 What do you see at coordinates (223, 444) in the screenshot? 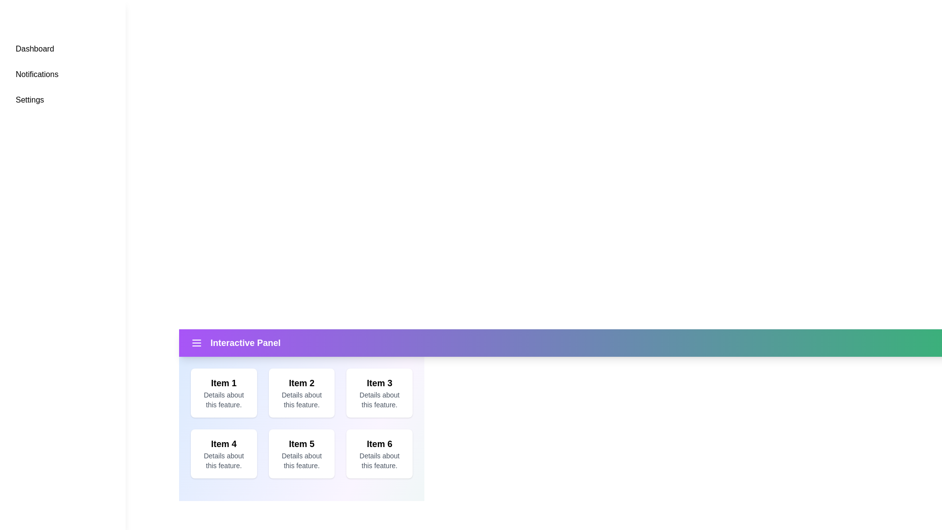
I see `the Text Label located in the second row and first column of the grid layout, which identifies the feature above the text 'Details about this feature.'` at bounding box center [223, 444].